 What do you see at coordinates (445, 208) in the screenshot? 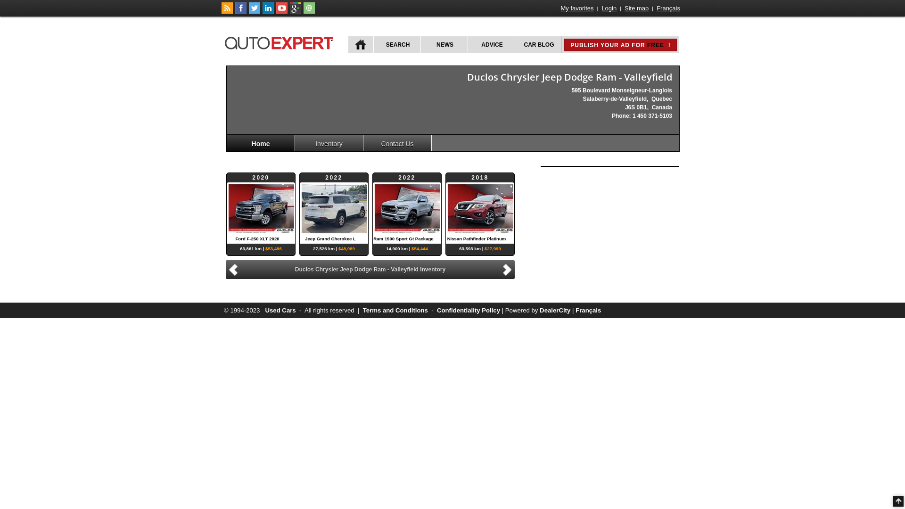
I see `'2018` at bounding box center [445, 208].